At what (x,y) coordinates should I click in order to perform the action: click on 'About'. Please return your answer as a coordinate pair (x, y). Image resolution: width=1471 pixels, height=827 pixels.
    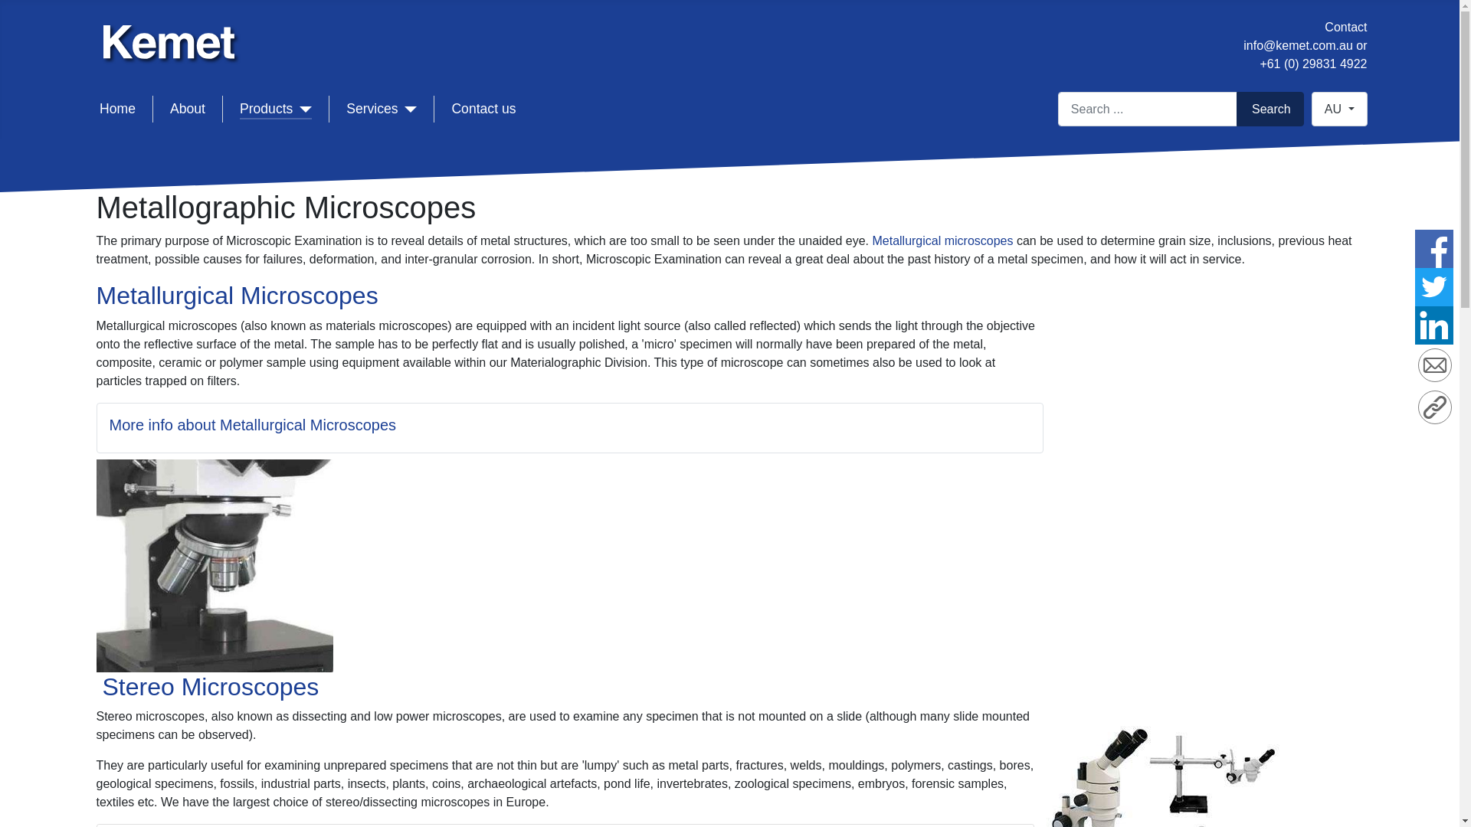
    Looking at the image, I should click on (186, 108).